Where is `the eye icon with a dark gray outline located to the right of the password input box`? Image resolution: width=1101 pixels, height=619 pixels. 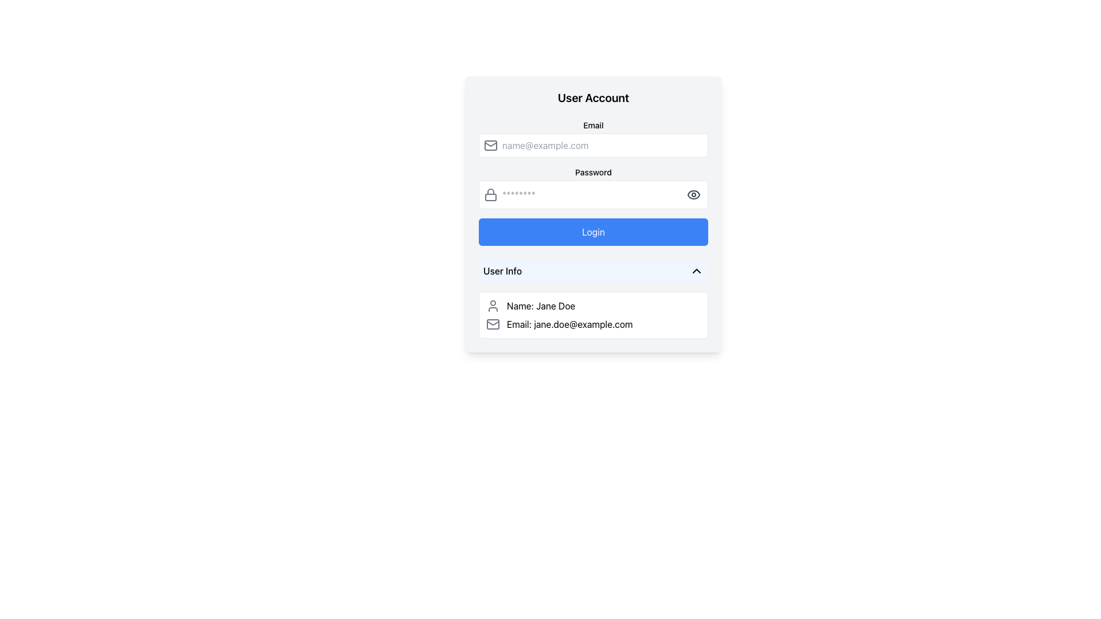
the eye icon with a dark gray outline located to the right of the password input box is located at coordinates (693, 194).